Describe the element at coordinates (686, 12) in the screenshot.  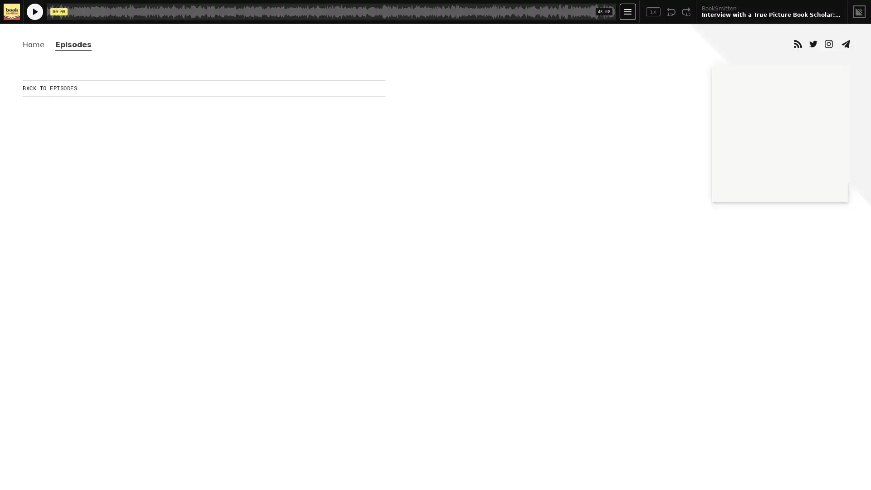
I see `Fast Forward 15 Seconds` at that location.